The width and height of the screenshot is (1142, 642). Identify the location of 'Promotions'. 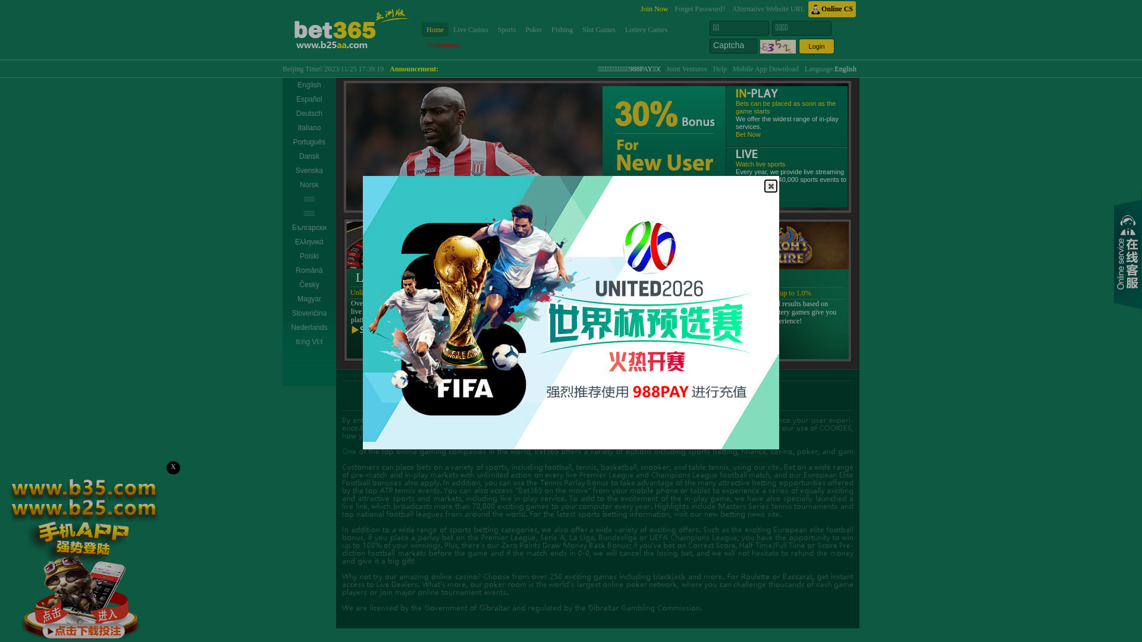
(442, 45).